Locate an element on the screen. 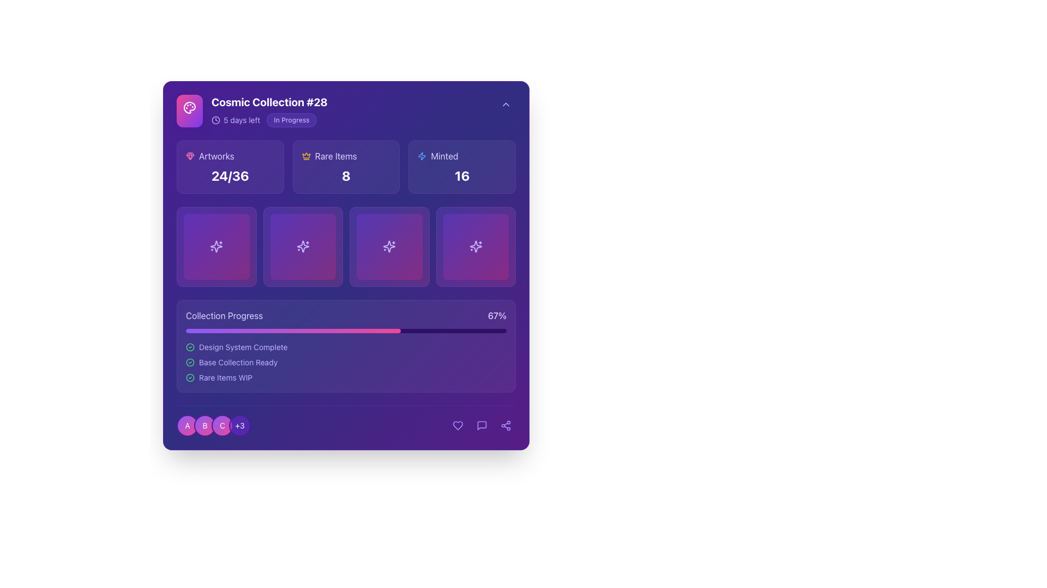 This screenshot has height=588, width=1047. the Status Indicator that shows '5 days left', located near the top-left area of the card titled 'Cosmic Collection #28', to the right of the circular icon and to the left of the 'In Progress' tag is located at coordinates (235, 120).